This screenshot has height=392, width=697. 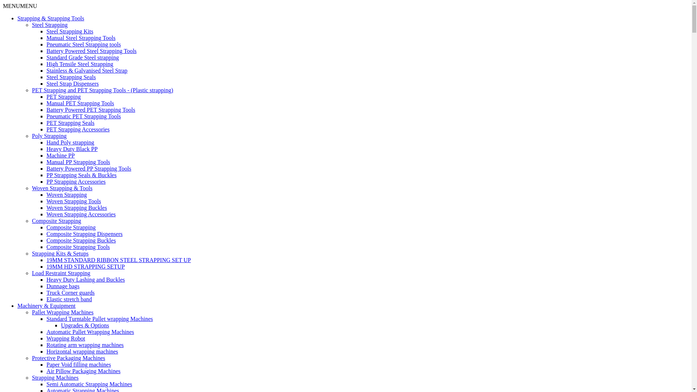 I want to click on 'Paper Void filling machines', so click(x=78, y=364).